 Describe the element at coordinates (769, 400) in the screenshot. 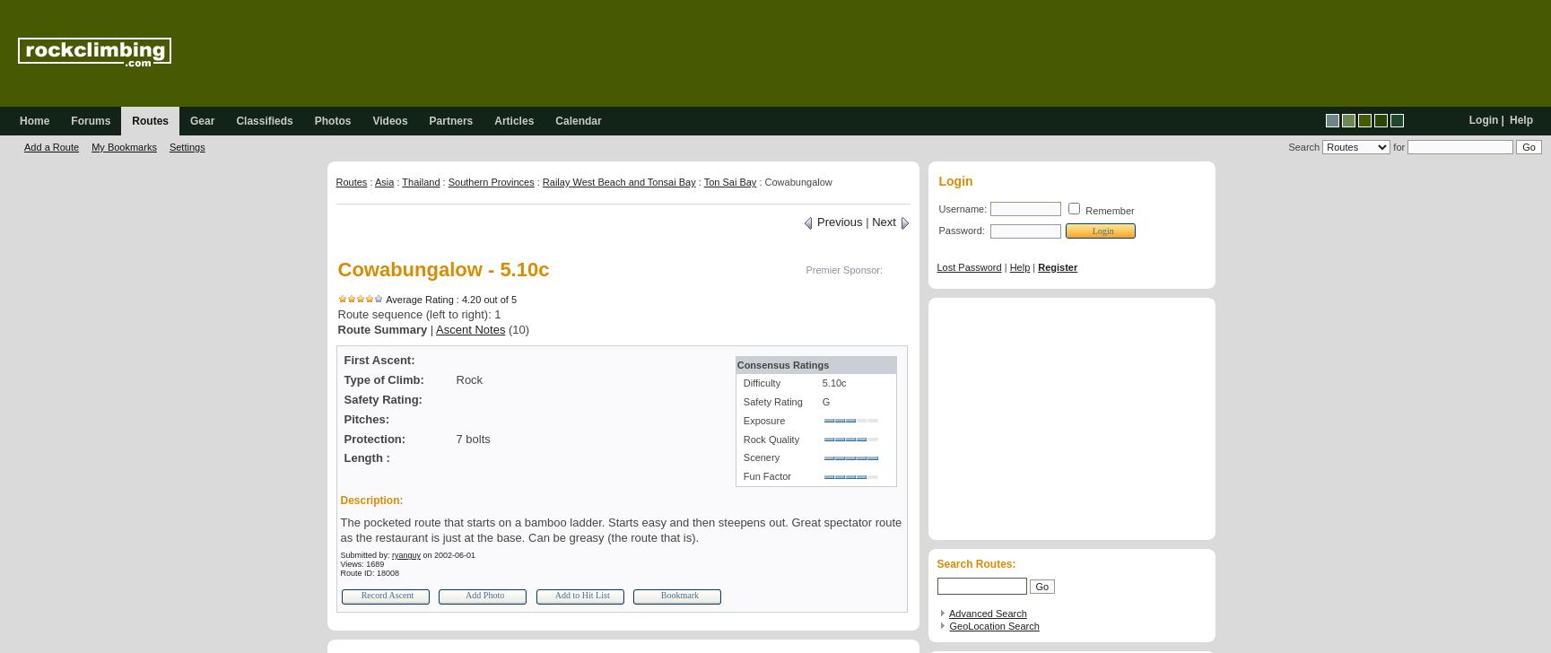

I see `'Safety Rating'` at that location.